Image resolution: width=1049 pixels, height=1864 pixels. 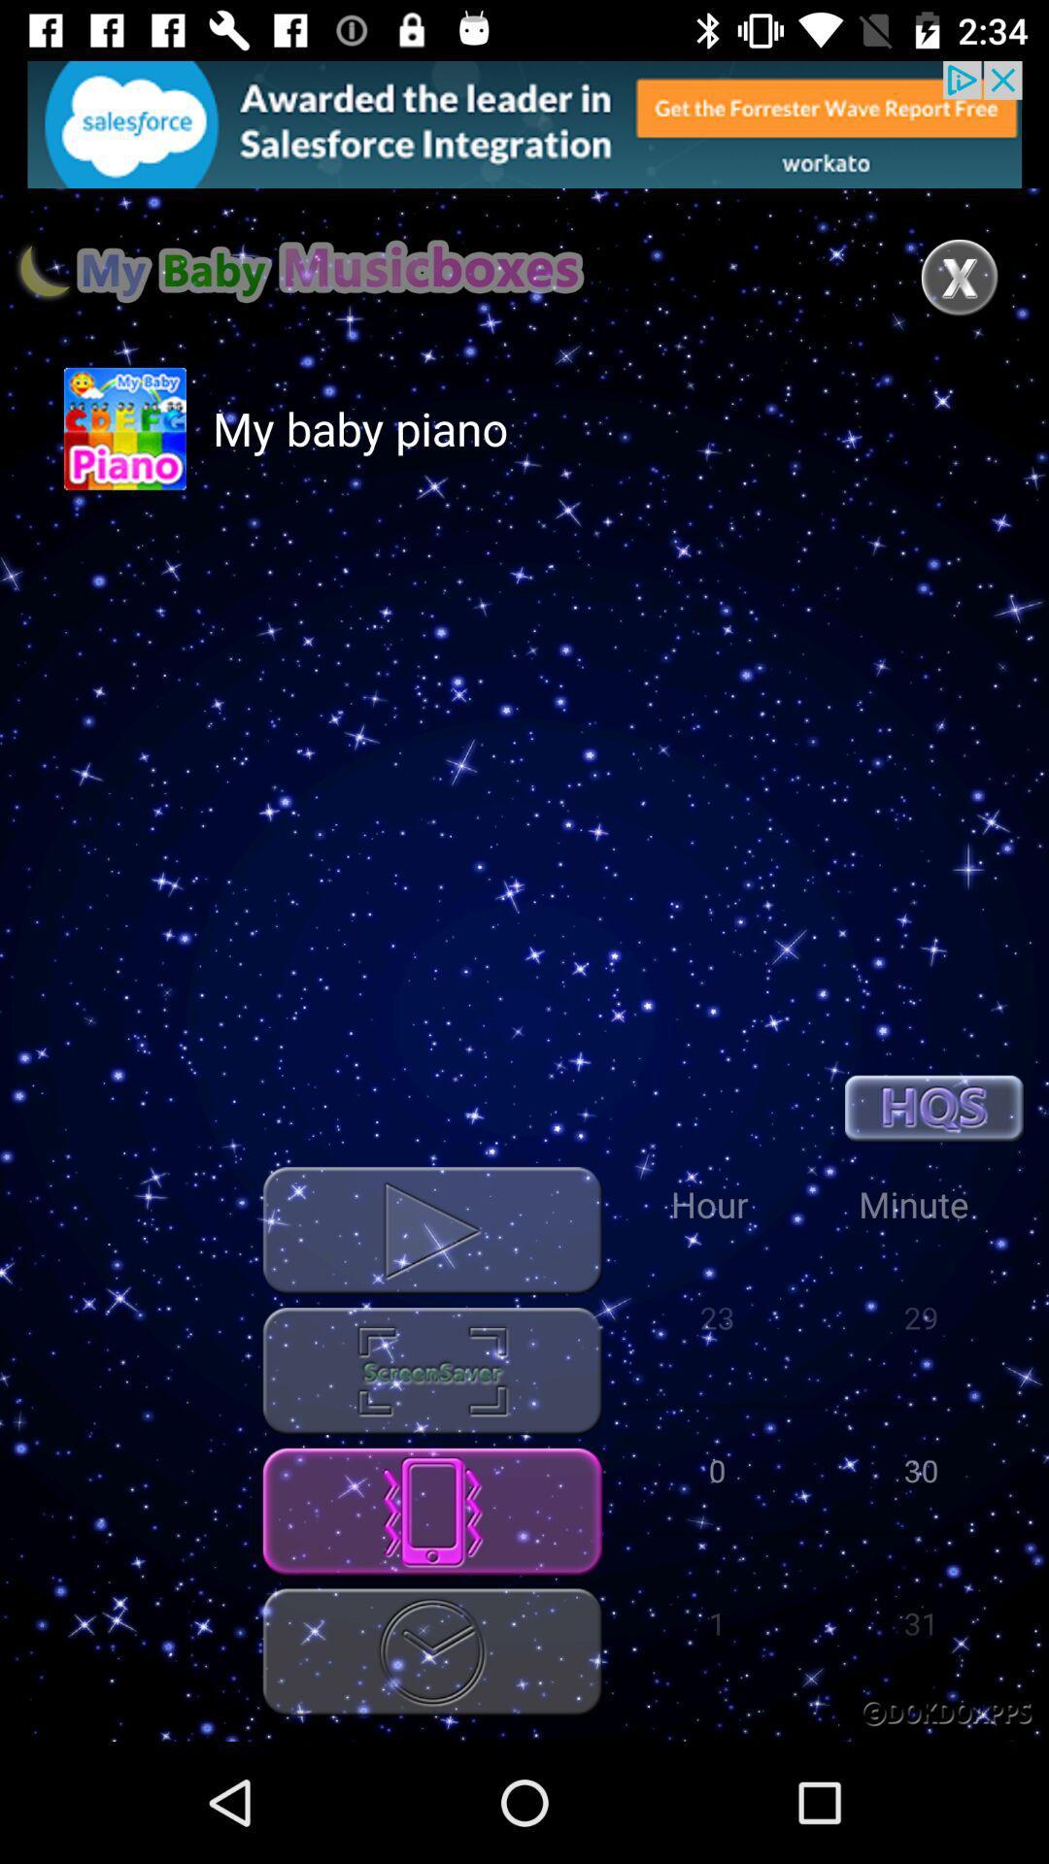 What do you see at coordinates (959, 277) in the screenshot?
I see `the close icon` at bounding box center [959, 277].